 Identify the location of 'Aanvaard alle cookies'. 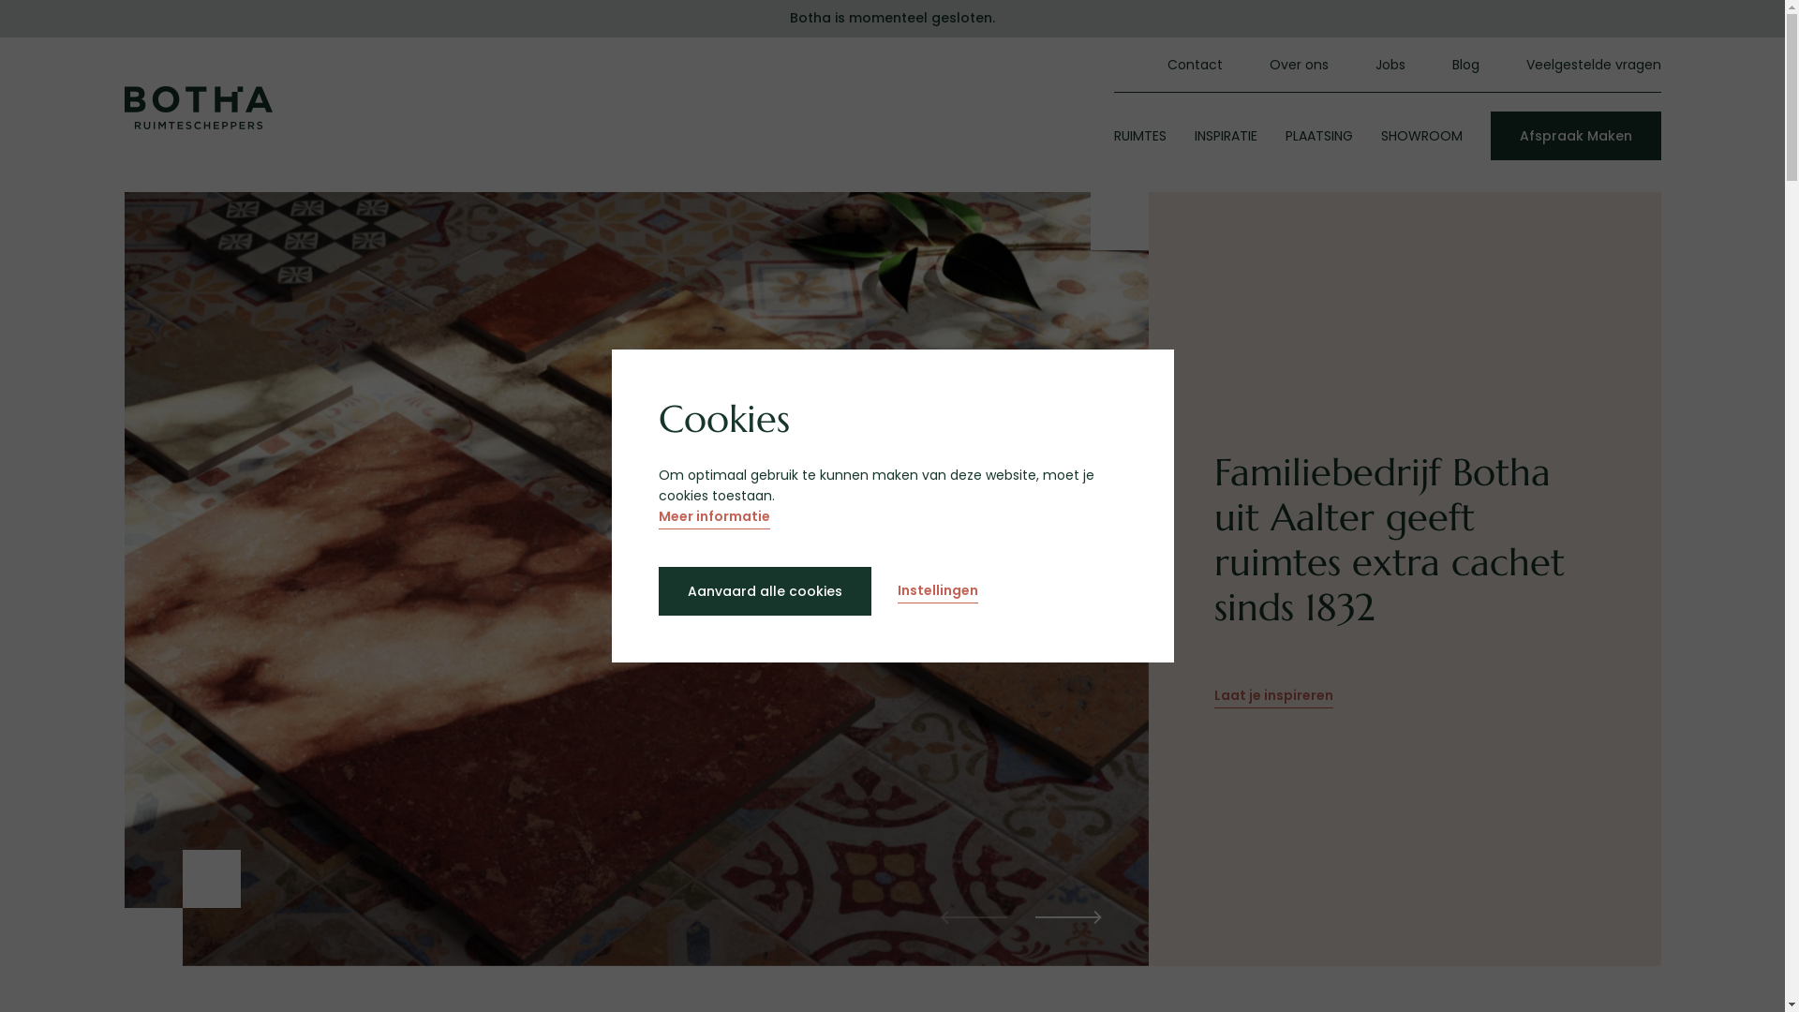
(764, 591).